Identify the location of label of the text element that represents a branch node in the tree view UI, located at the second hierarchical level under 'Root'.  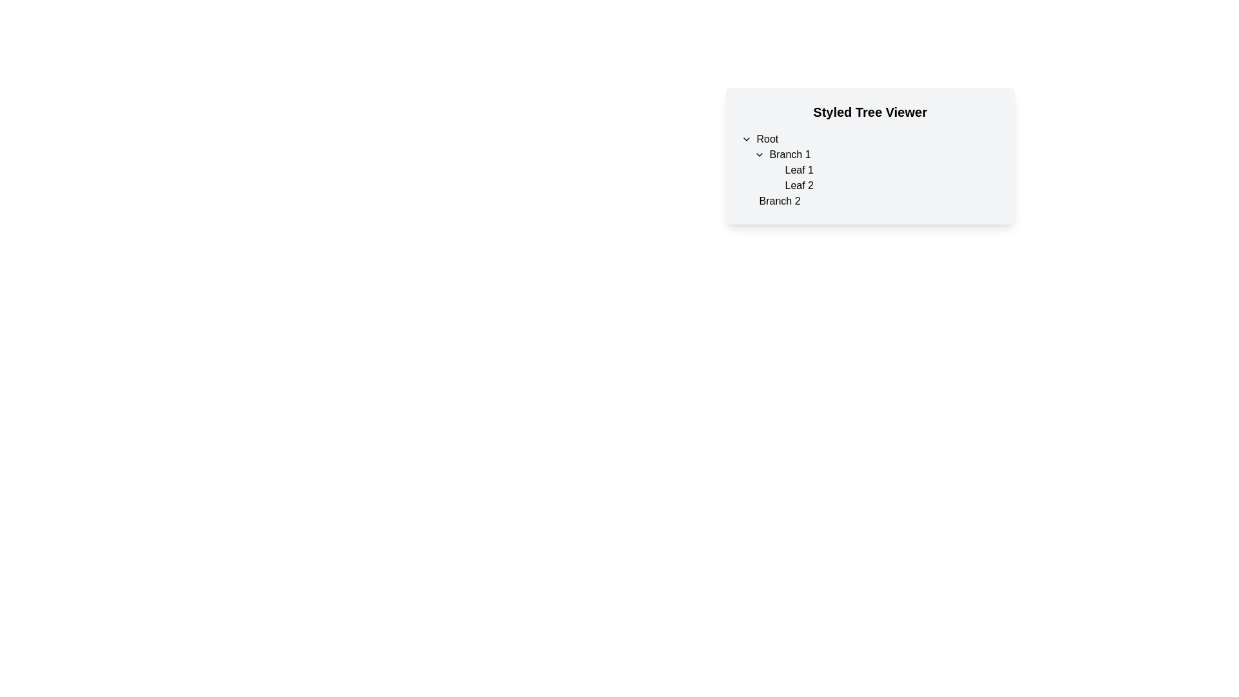
(779, 201).